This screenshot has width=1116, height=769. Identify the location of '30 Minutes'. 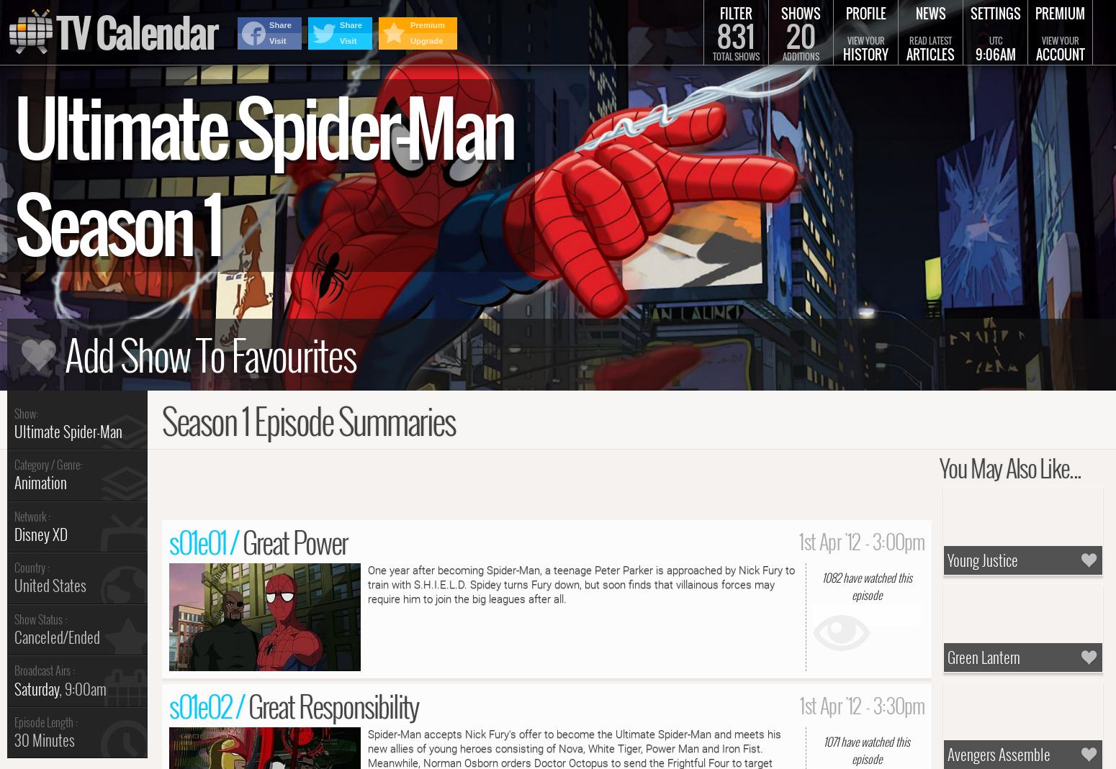
(44, 740).